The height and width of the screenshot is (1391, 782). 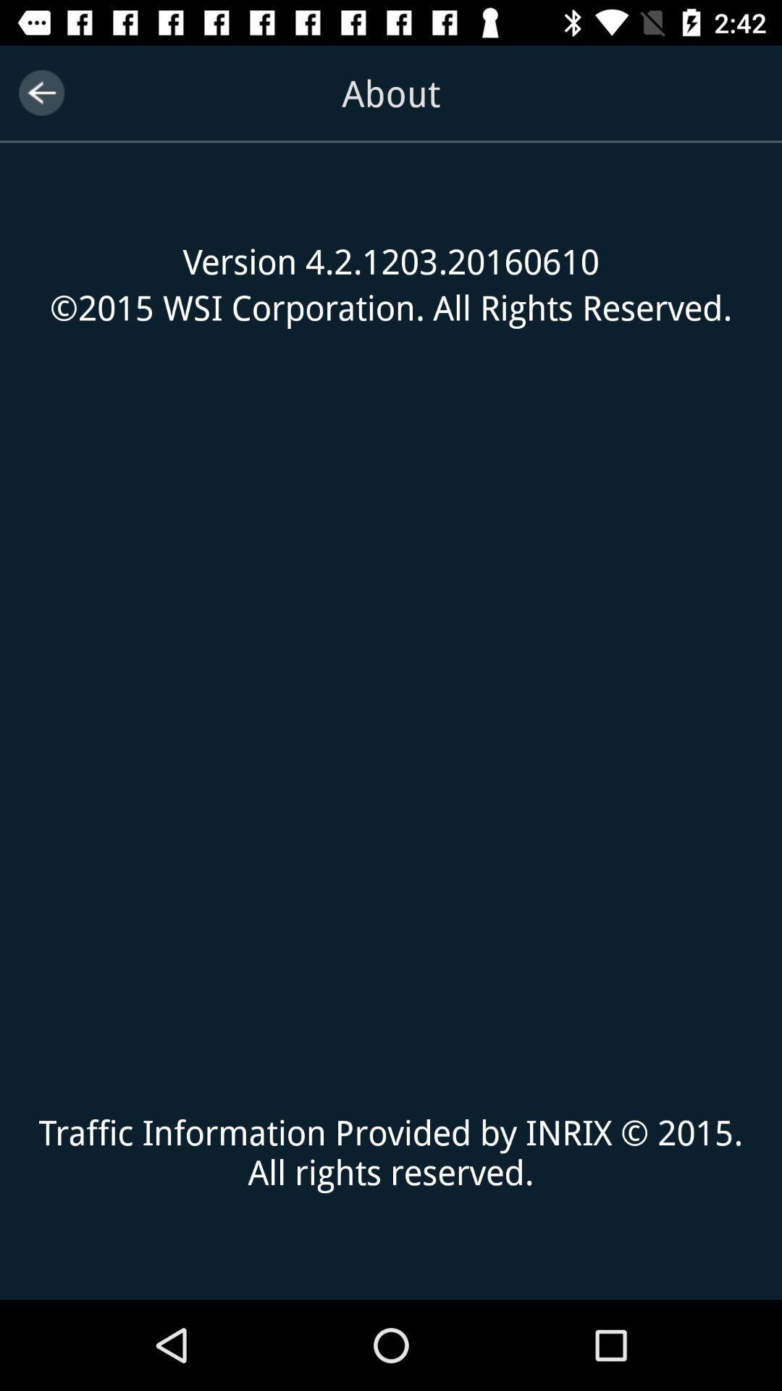 I want to click on the arrow_backward icon, so click(x=41, y=92).